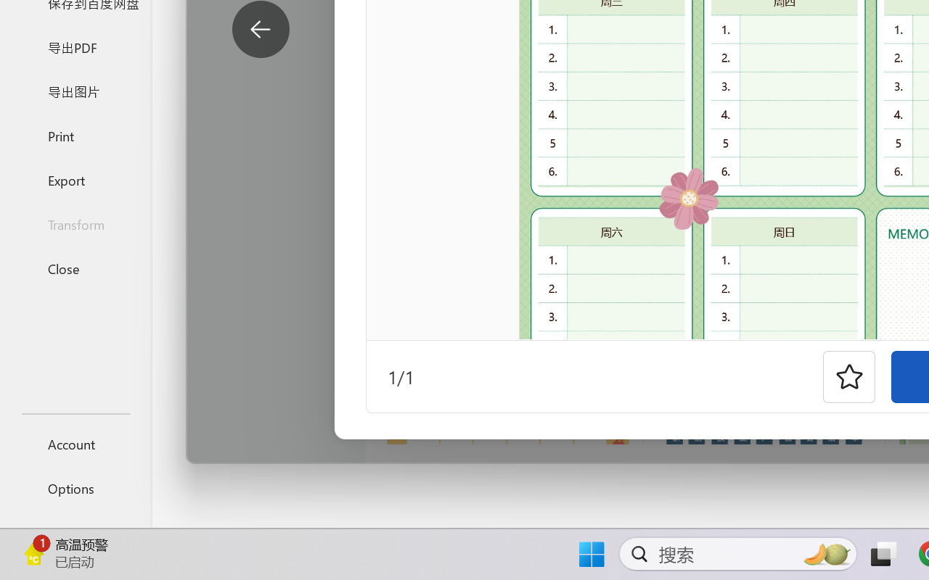 This screenshot has height=580, width=929. What do you see at coordinates (75, 179) in the screenshot?
I see `'Export'` at bounding box center [75, 179].